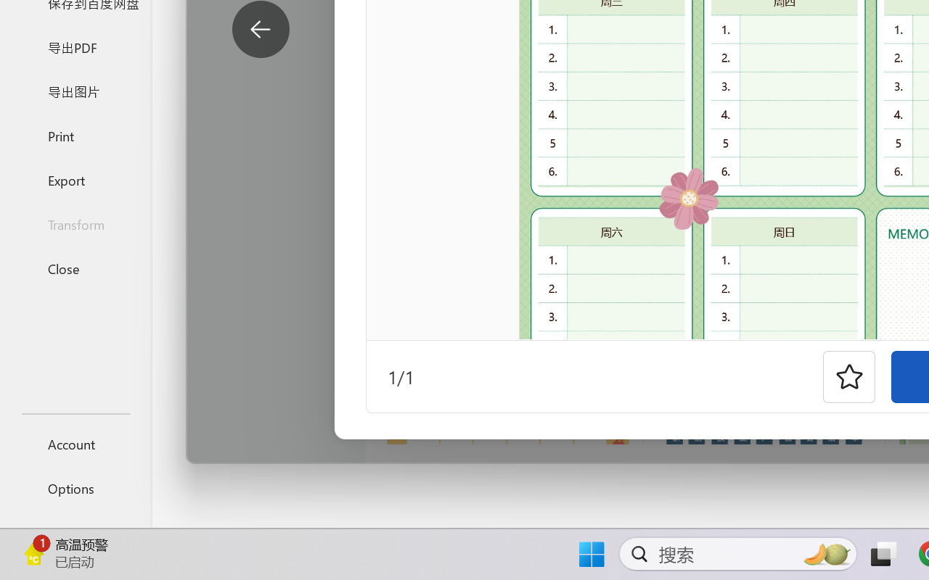 This screenshot has height=580, width=929. What do you see at coordinates (75, 179) in the screenshot?
I see `'Export'` at bounding box center [75, 179].